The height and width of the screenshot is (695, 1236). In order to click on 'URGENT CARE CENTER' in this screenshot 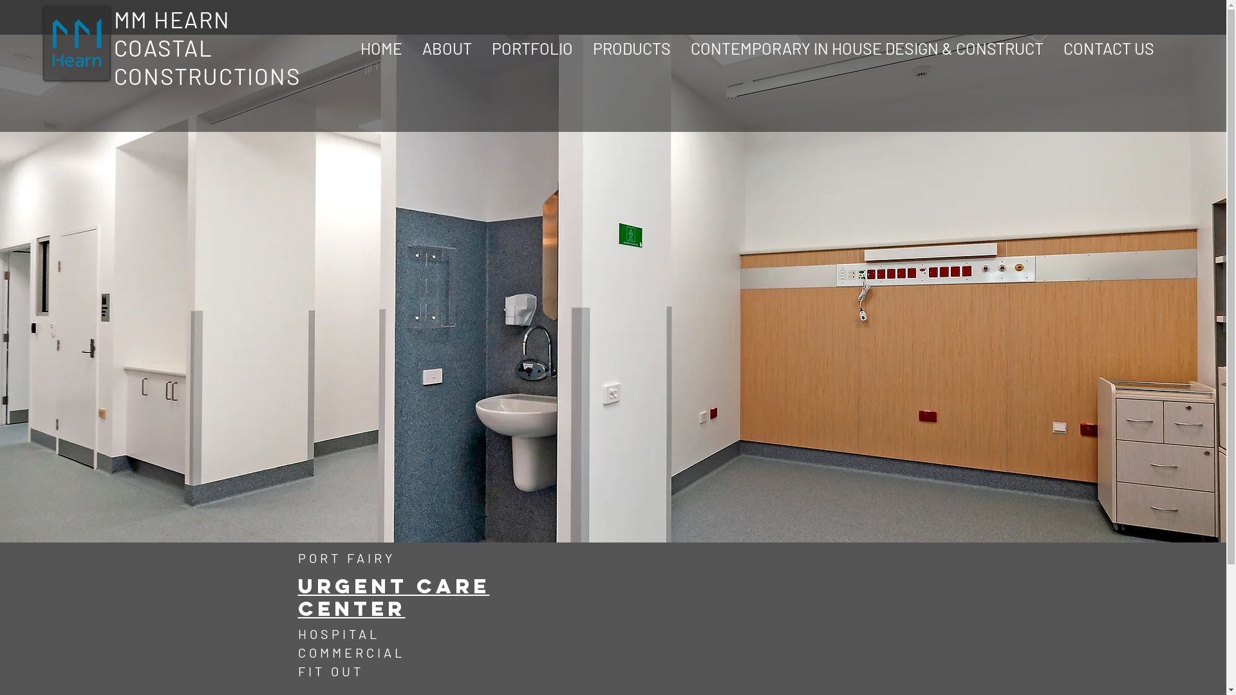, I will do `click(392, 598)`.